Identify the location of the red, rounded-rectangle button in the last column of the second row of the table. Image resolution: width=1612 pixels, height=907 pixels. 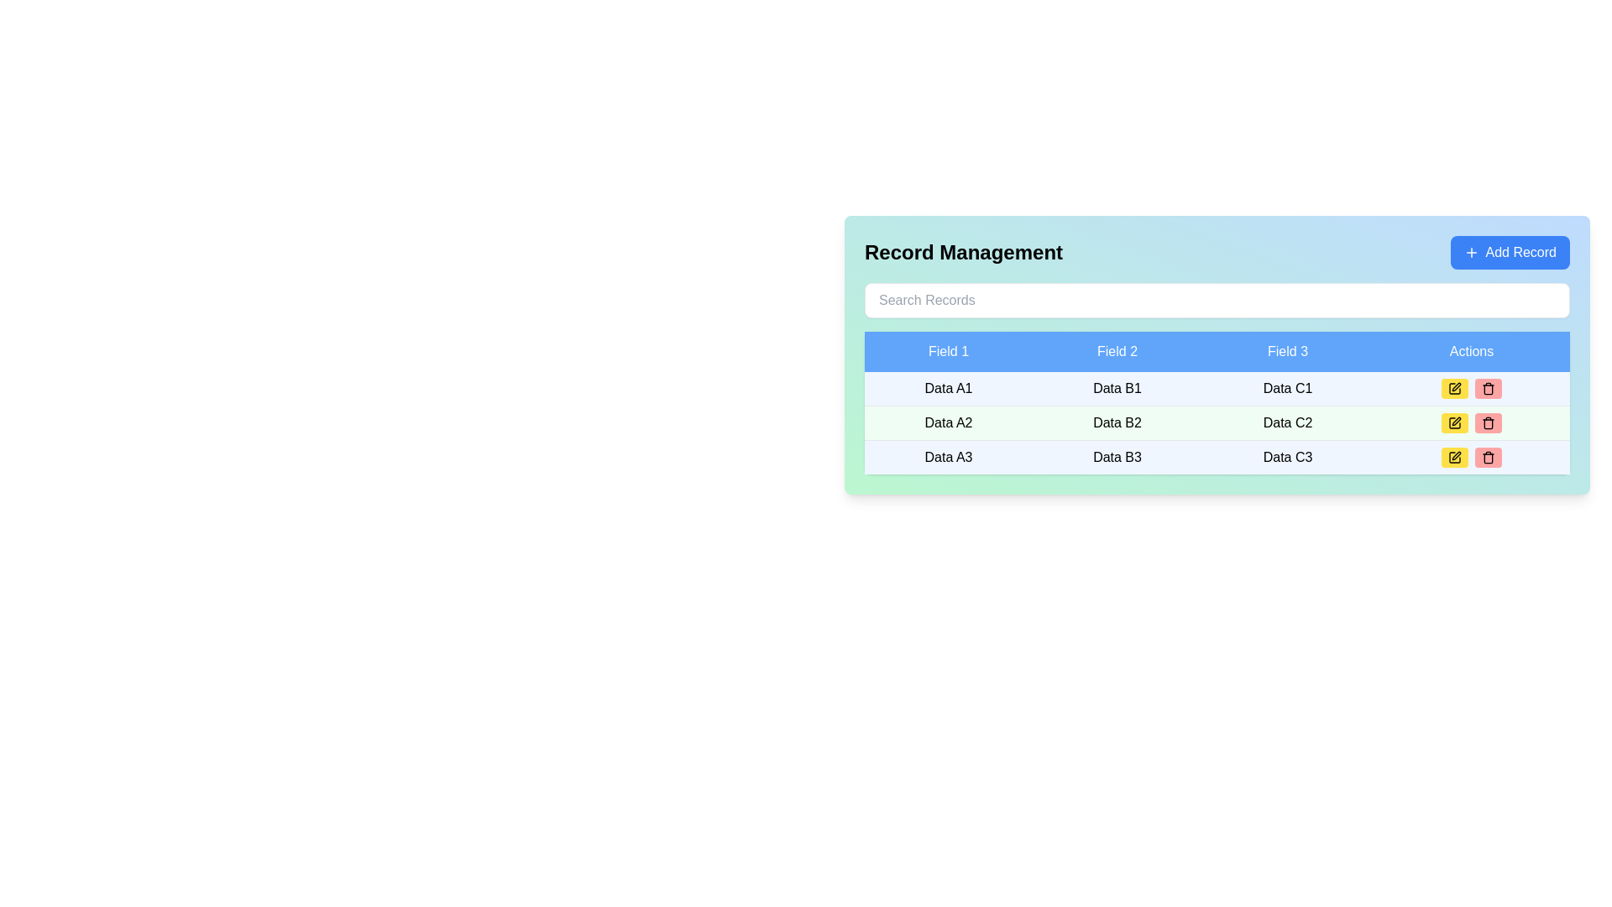
(1488, 457).